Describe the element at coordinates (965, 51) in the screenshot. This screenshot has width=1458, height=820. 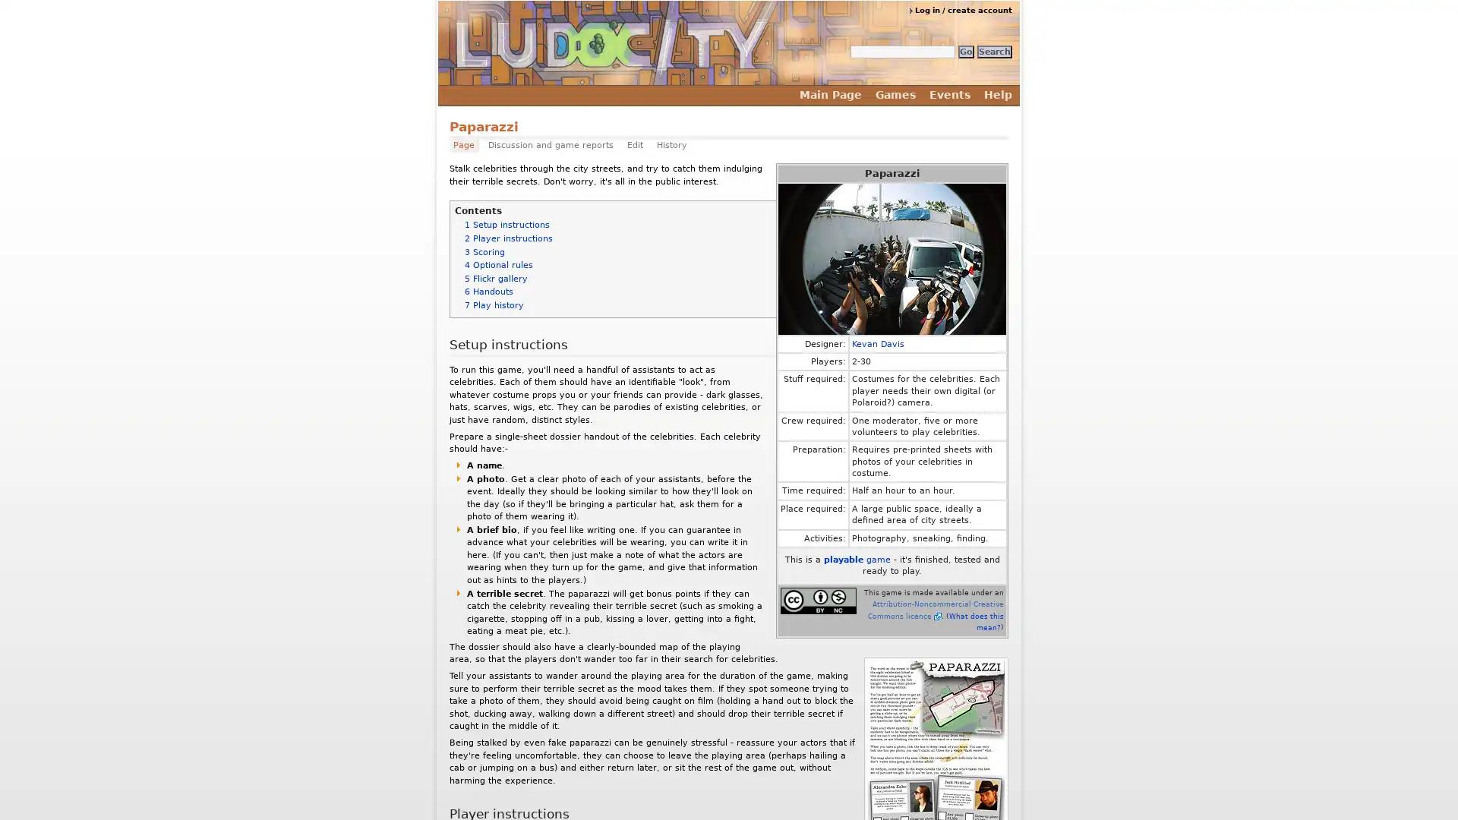
I see `Go` at that location.